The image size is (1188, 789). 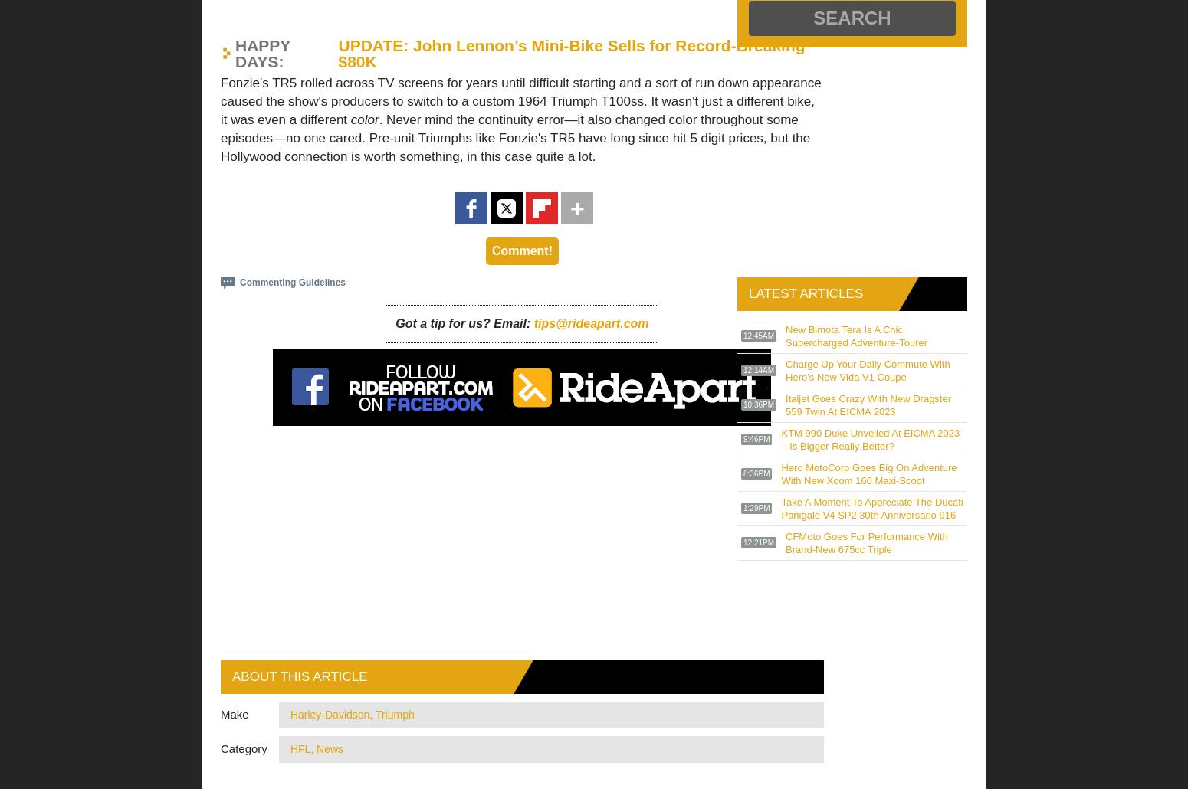 What do you see at coordinates (220, 748) in the screenshot?
I see `'Category'` at bounding box center [220, 748].